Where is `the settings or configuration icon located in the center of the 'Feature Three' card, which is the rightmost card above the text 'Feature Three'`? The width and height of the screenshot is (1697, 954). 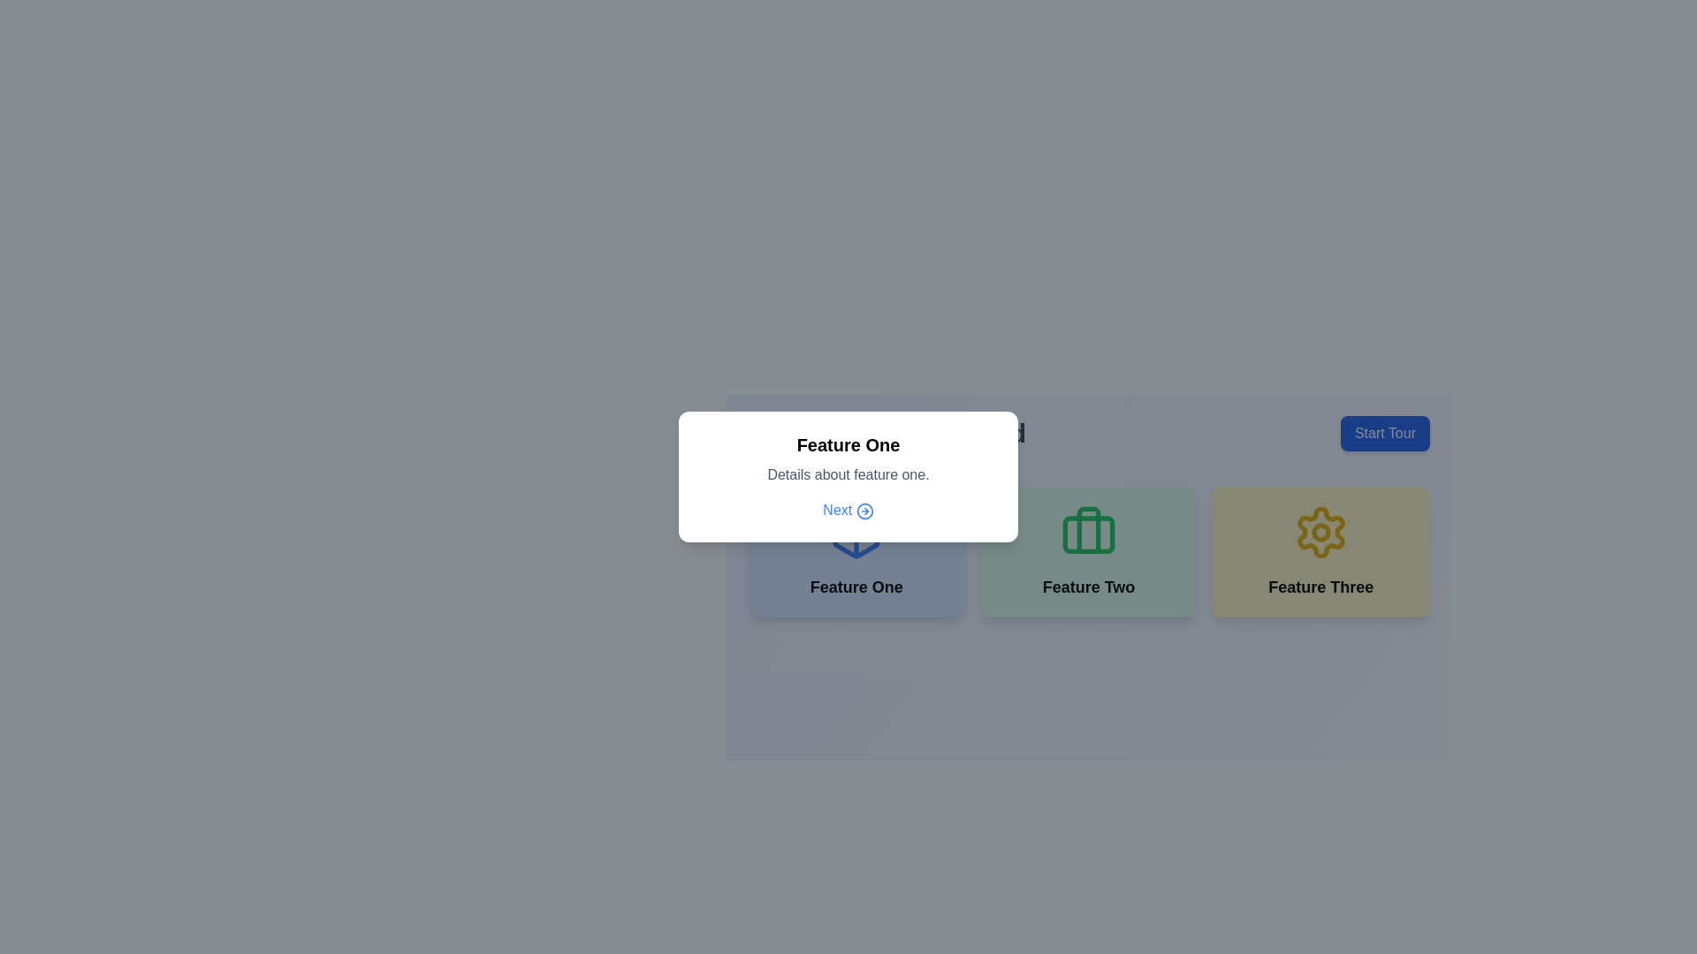 the settings or configuration icon located in the center of the 'Feature Three' card, which is the rightmost card above the text 'Feature Three' is located at coordinates (1320, 531).